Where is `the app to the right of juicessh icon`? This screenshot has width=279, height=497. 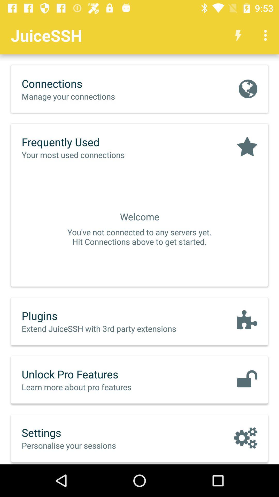 the app to the right of juicessh icon is located at coordinates (238, 35).